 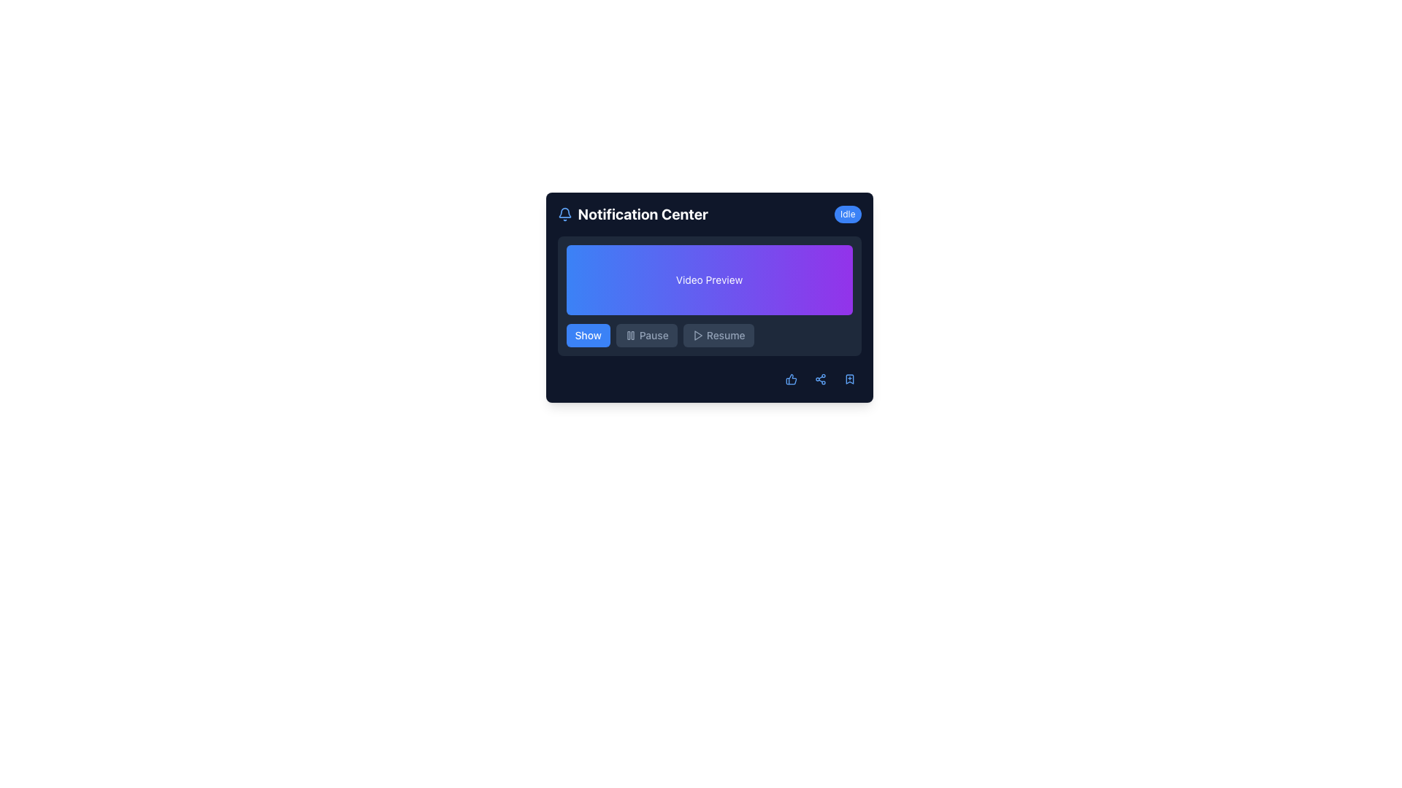 What do you see at coordinates (849, 379) in the screenshot?
I see `the bookmark button located at the bottom-right corner of the panel` at bounding box center [849, 379].